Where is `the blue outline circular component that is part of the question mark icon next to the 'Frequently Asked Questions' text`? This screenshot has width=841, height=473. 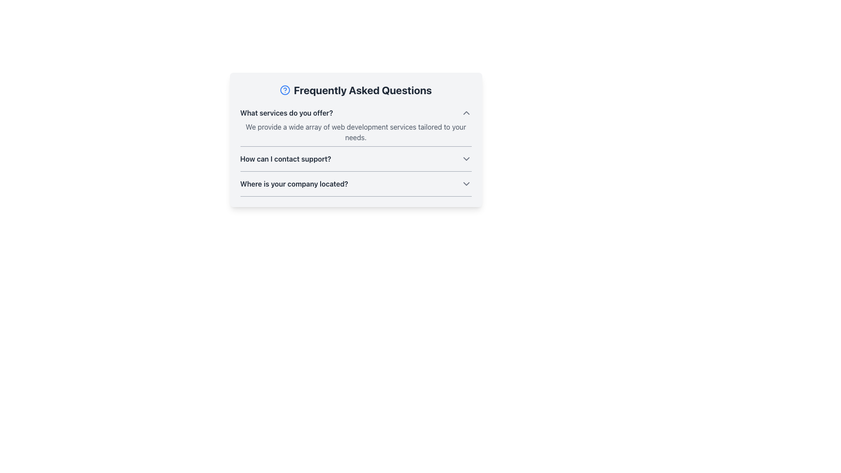
the blue outline circular component that is part of the question mark icon next to the 'Frequently Asked Questions' text is located at coordinates (285, 90).